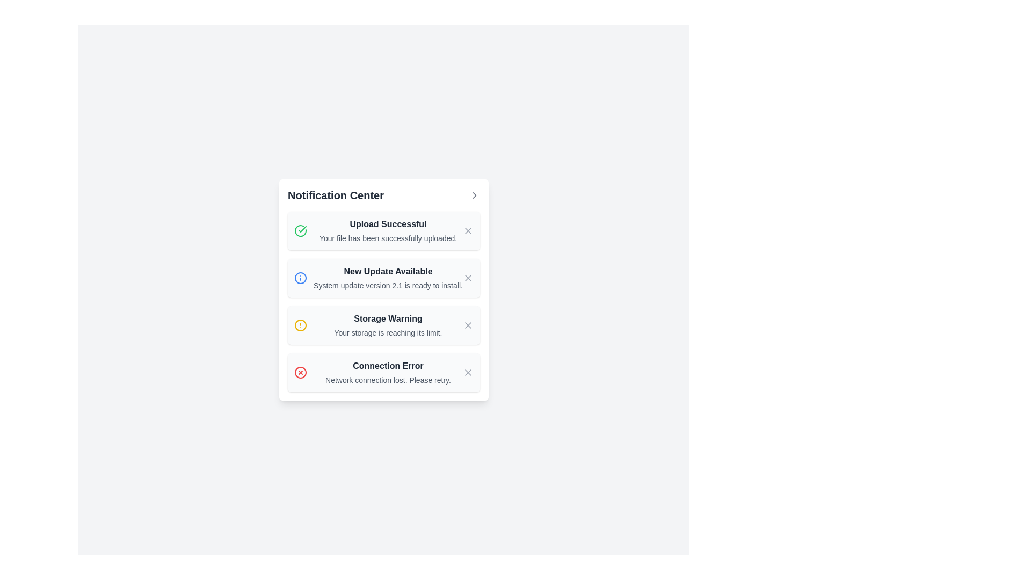  Describe the element at coordinates (388, 379) in the screenshot. I see `the text label displaying 'Network connection lost. Please retry.' located in the notification panel below the 'Connection Error' title` at that location.